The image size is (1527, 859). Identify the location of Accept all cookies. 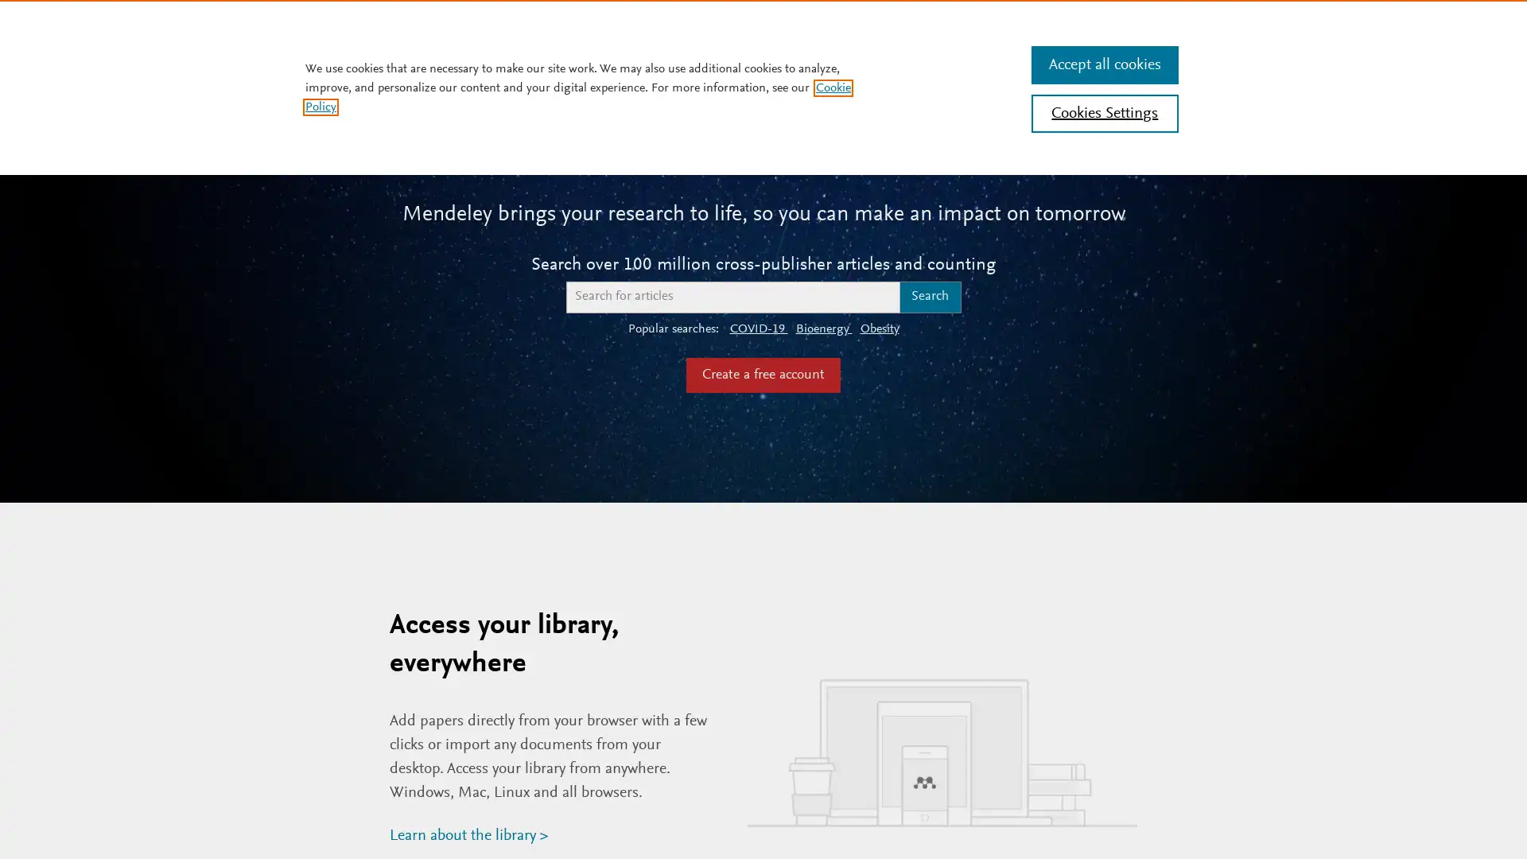
(1103, 64).